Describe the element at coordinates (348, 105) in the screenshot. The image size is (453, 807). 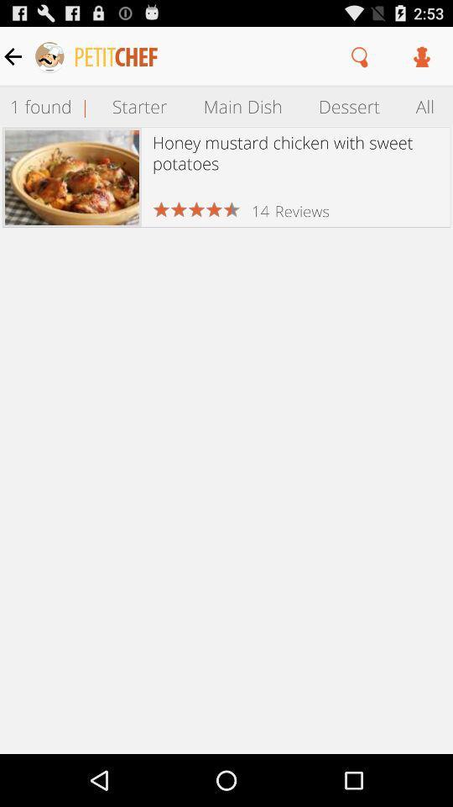
I see `icon above honey mustard chicken` at that location.